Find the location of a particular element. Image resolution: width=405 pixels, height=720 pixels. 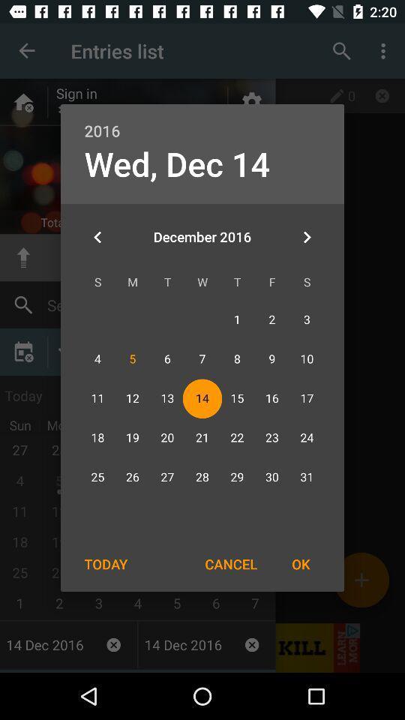

the icon above the wed, dec 14 item is located at coordinates (202, 121).